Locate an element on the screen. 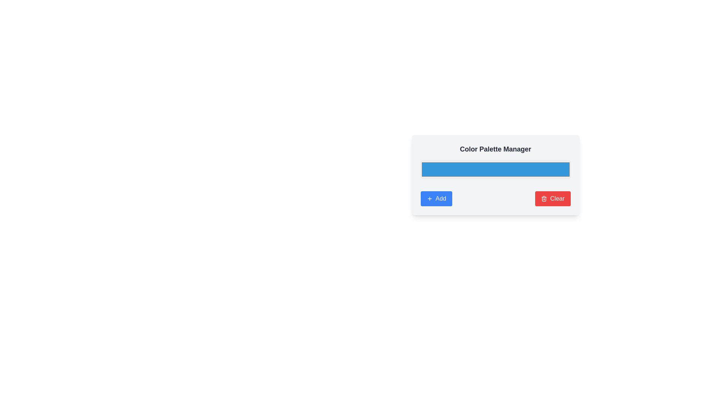  the trash can icon within the 'Clear' button, which has a red background and is located at the bottom-right corner of the 'Color Palette Manager' modal is located at coordinates (544, 198).